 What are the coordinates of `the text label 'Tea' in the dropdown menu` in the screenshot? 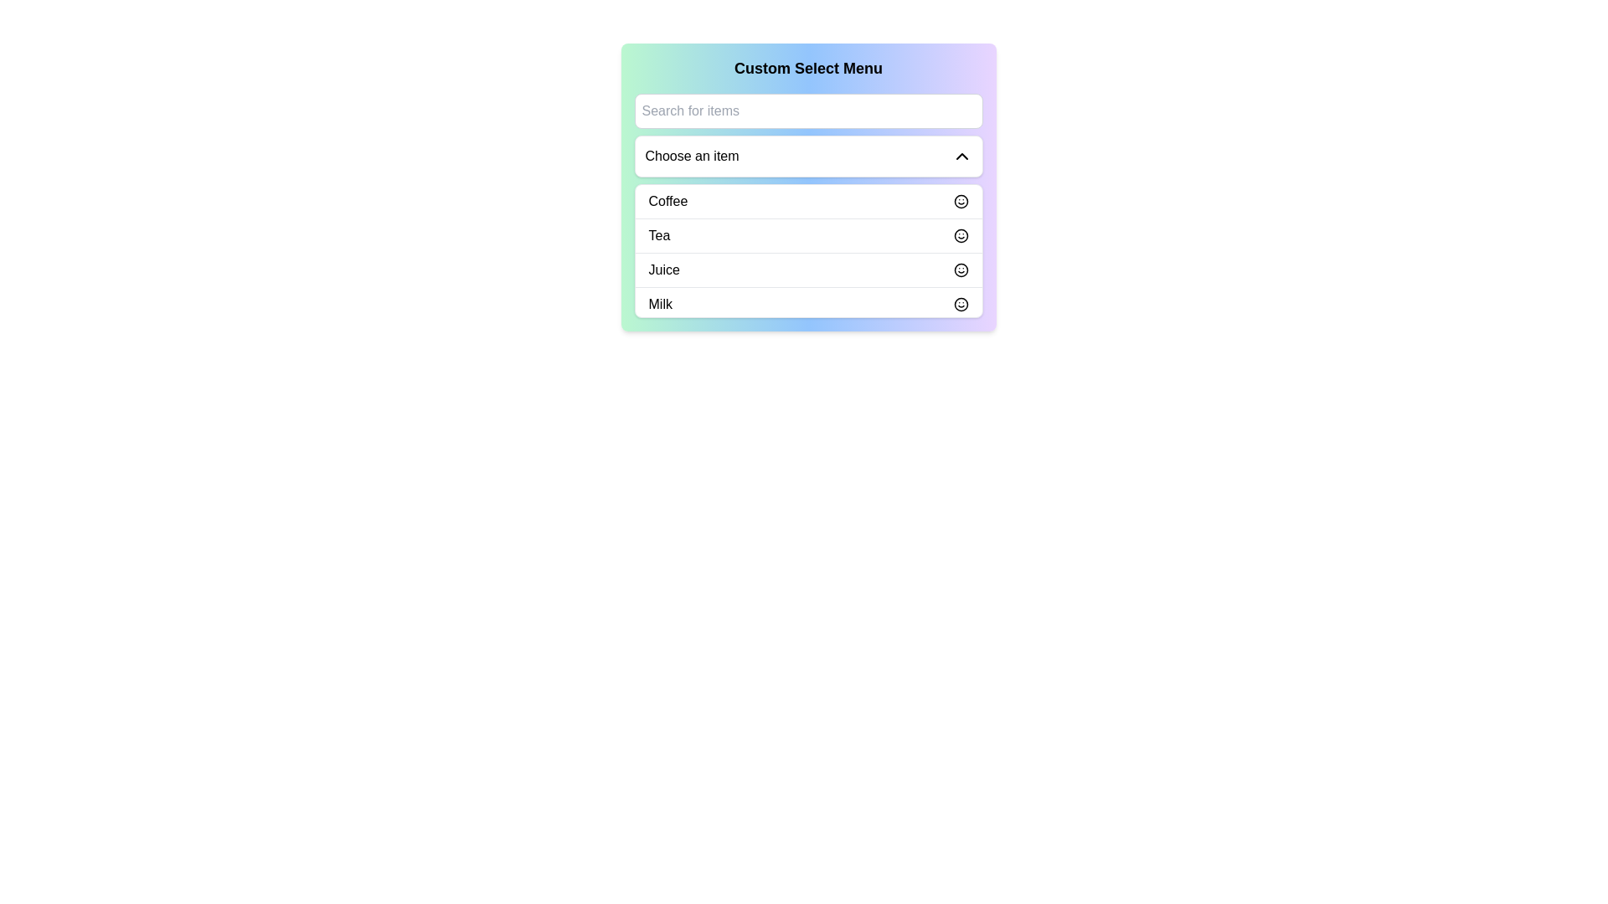 It's located at (658, 235).